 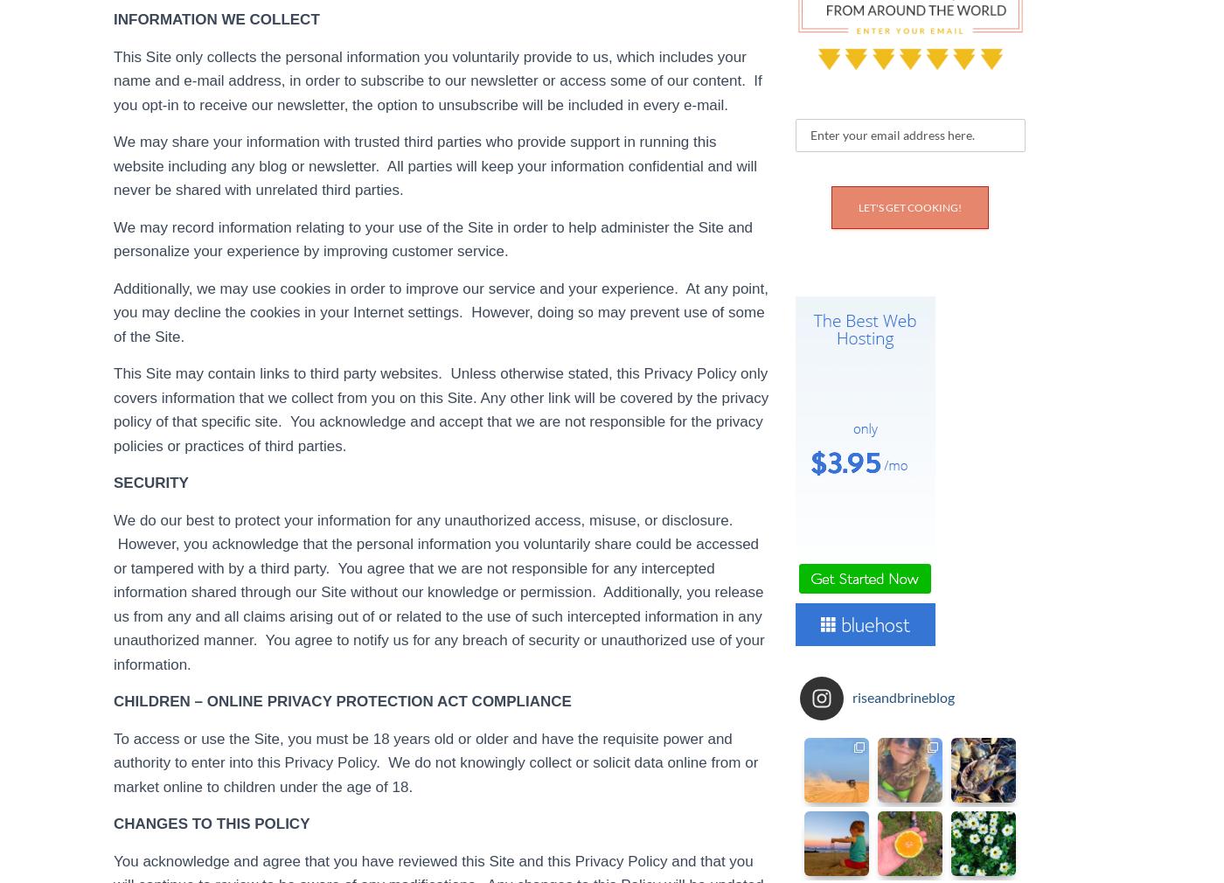 I want to click on 'CHILDREN – ONLINE PRIVACY PROTECTION ACT COMPLIANCE', so click(x=342, y=701).